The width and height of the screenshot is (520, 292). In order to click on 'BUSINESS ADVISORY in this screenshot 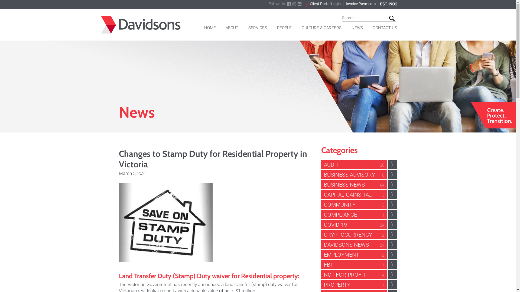, I will do `click(359, 174)`.